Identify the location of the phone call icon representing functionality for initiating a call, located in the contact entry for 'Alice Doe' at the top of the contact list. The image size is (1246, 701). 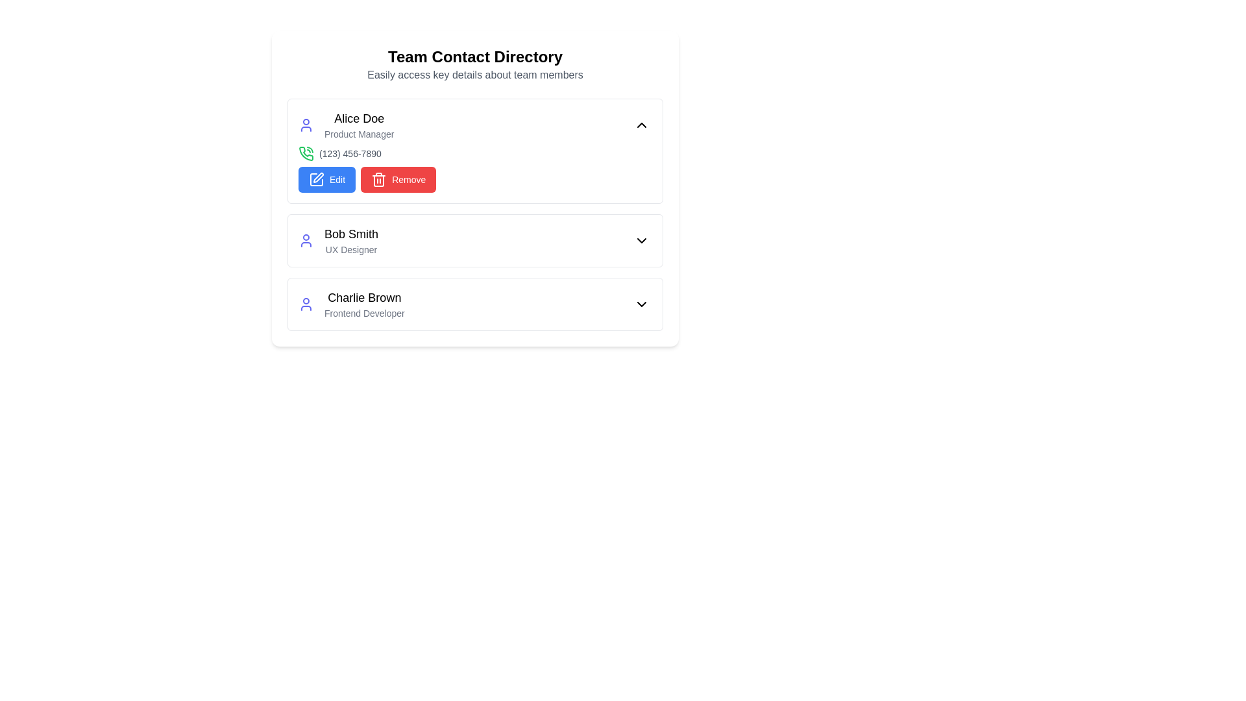
(305, 153).